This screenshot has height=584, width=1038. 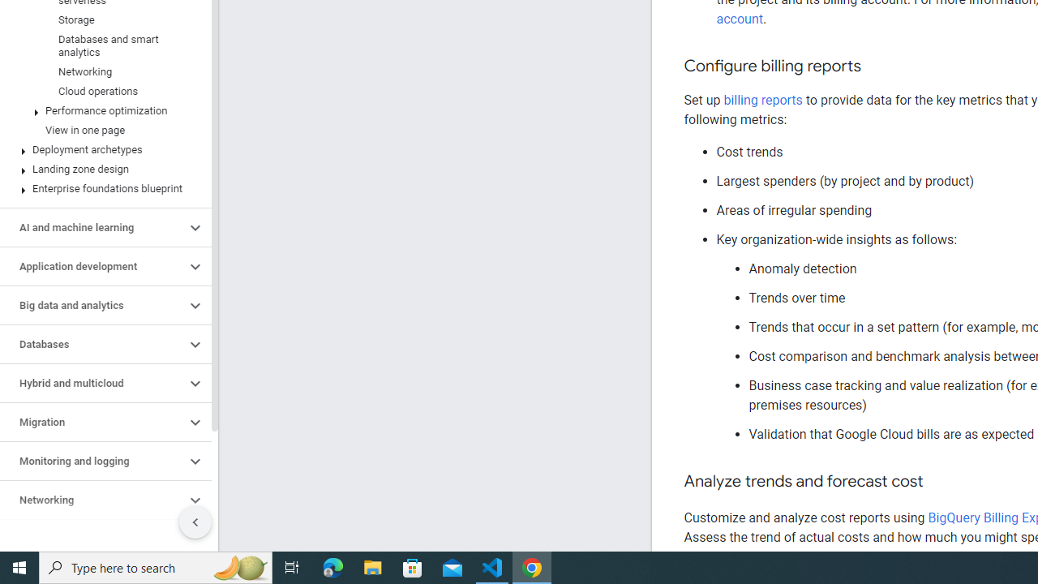 What do you see at coordinates (101, 187) in the screenshot?
I see `'Enterprise foundations blueprint'` at bounding box center [101, 187].